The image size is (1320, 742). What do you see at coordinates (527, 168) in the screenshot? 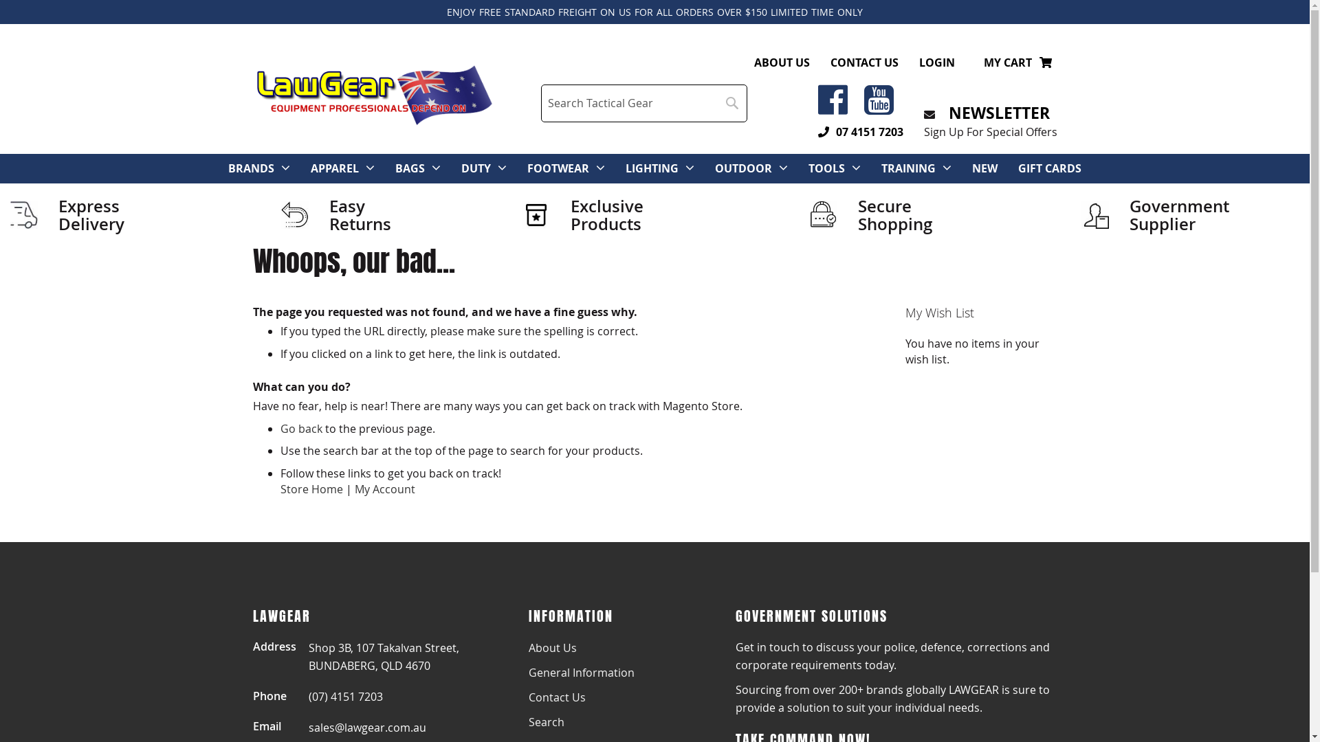
I see `'FOOTWEAR'` at bounding box center [527, 168].